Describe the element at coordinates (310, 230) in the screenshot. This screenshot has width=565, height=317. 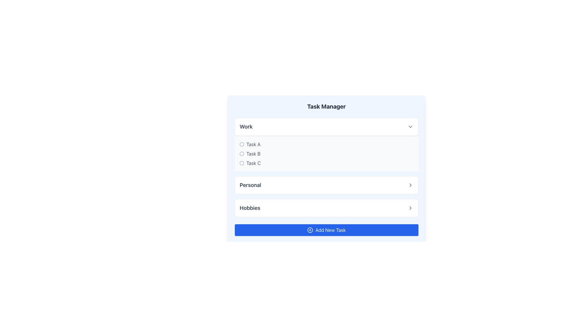
I see `the SVG circle that signifies the location for interaction with the 'Add New Task' button at the bottom of the interface` at that location.